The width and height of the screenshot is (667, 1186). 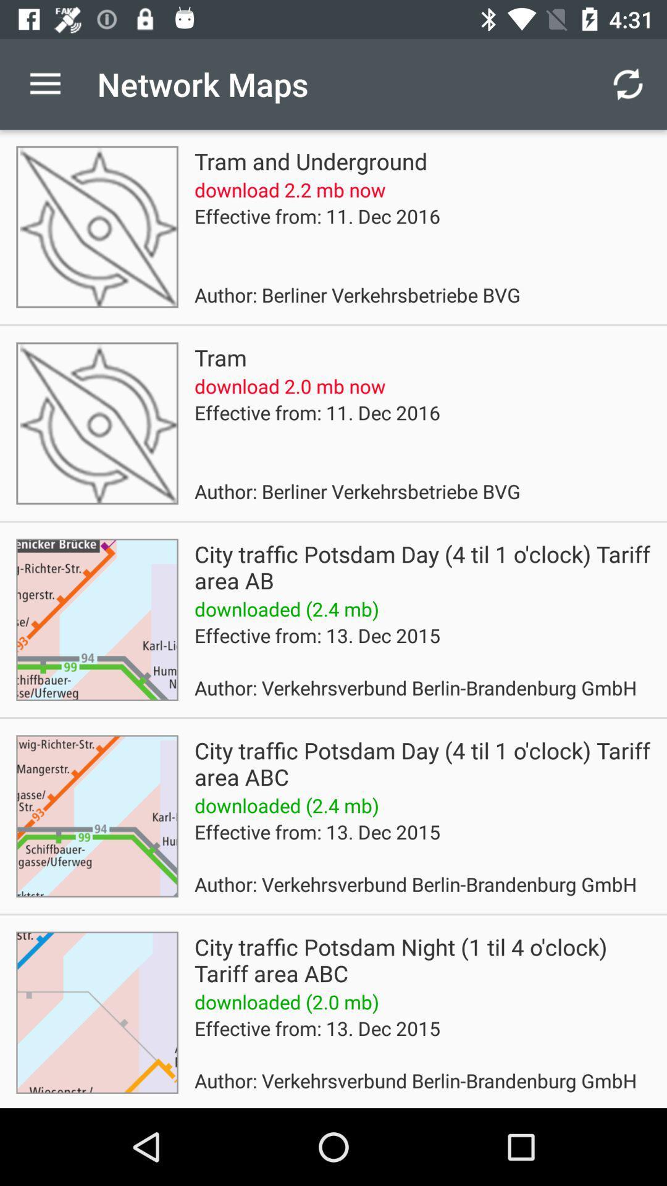 I want to click on tram and underground icon, so click(x=310, y=160).